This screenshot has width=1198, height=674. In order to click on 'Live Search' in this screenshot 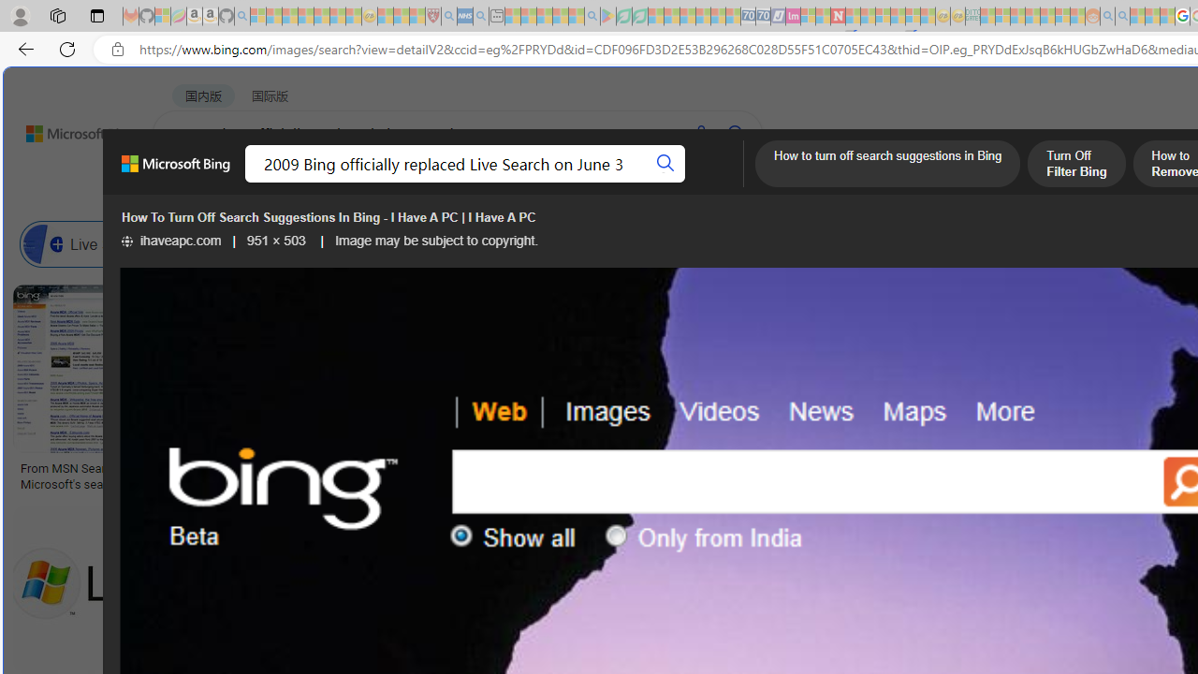, I will do `click(43, 243)`.